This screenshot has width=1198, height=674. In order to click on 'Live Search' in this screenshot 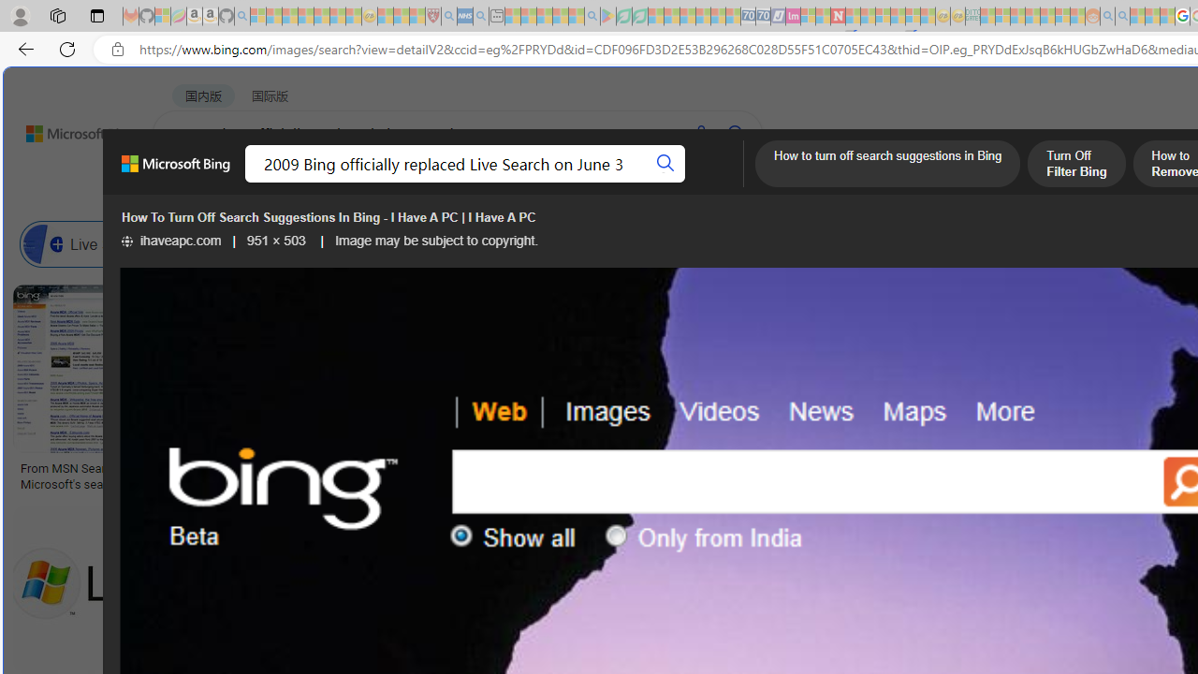, I will do `click(43, 243)`.